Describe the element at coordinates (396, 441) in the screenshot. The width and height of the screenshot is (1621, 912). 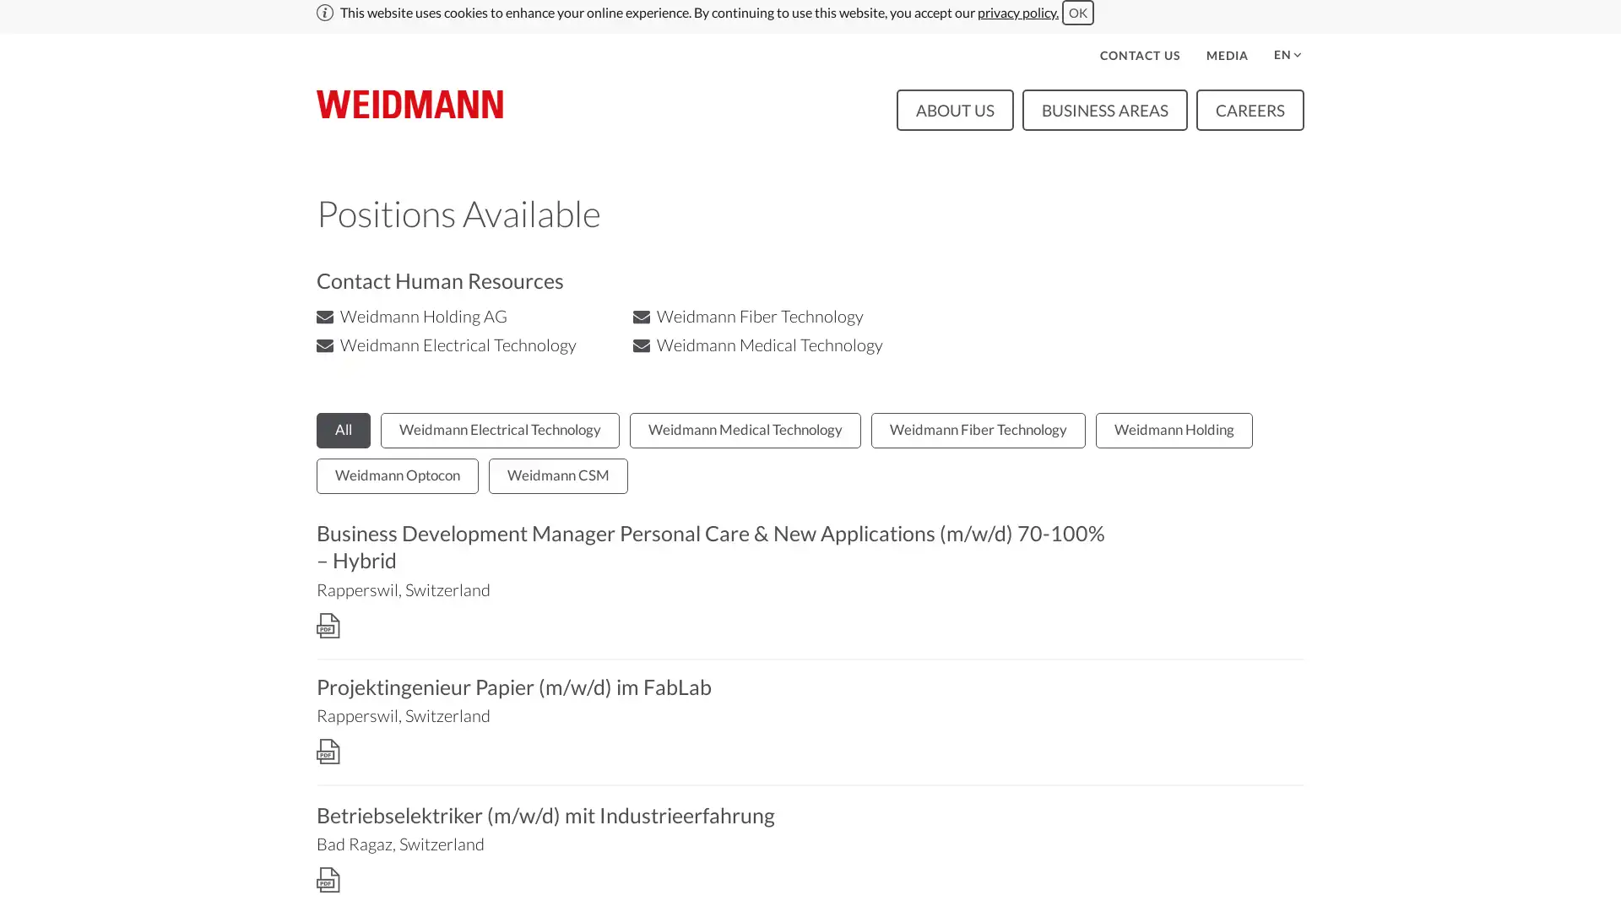
I see `Weidmann Optocon` at that location.